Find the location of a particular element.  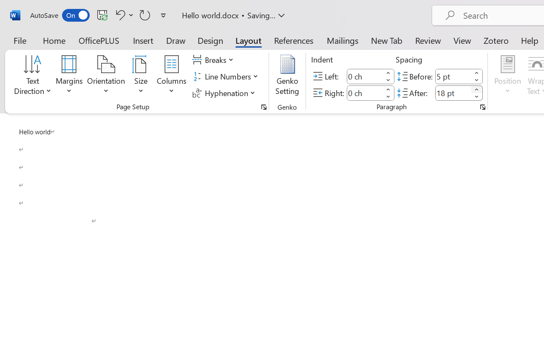

'Spacing After' is located at coordinates (453, 93).